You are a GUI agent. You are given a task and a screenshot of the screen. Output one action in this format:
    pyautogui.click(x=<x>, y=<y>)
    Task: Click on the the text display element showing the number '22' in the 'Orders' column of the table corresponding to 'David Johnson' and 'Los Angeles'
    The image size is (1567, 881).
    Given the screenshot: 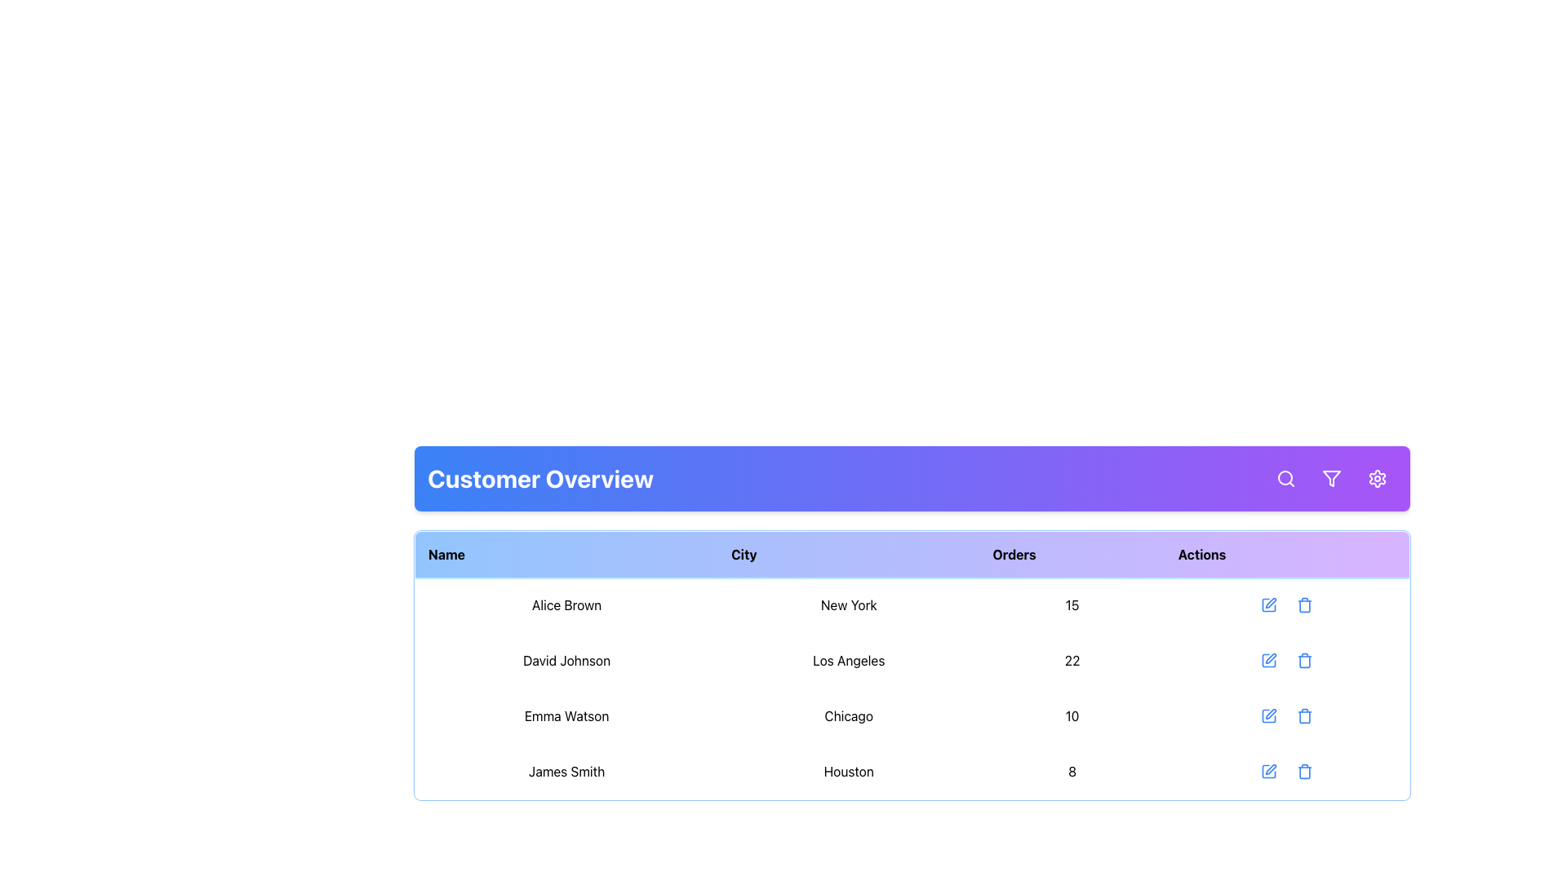 What is the action you would take?
    pyautogui.click(x=1072, y=661)
    